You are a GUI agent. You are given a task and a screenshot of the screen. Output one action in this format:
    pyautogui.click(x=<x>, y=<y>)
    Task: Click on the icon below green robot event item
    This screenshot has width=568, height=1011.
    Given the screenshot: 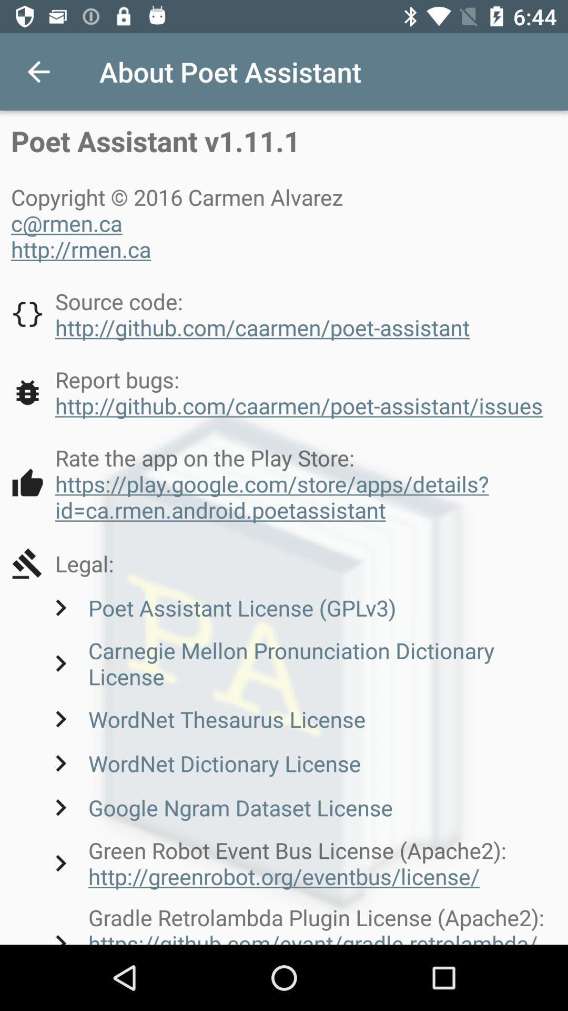 What is the action you would take?
    pyautogui.click(x=300, y=923)
    